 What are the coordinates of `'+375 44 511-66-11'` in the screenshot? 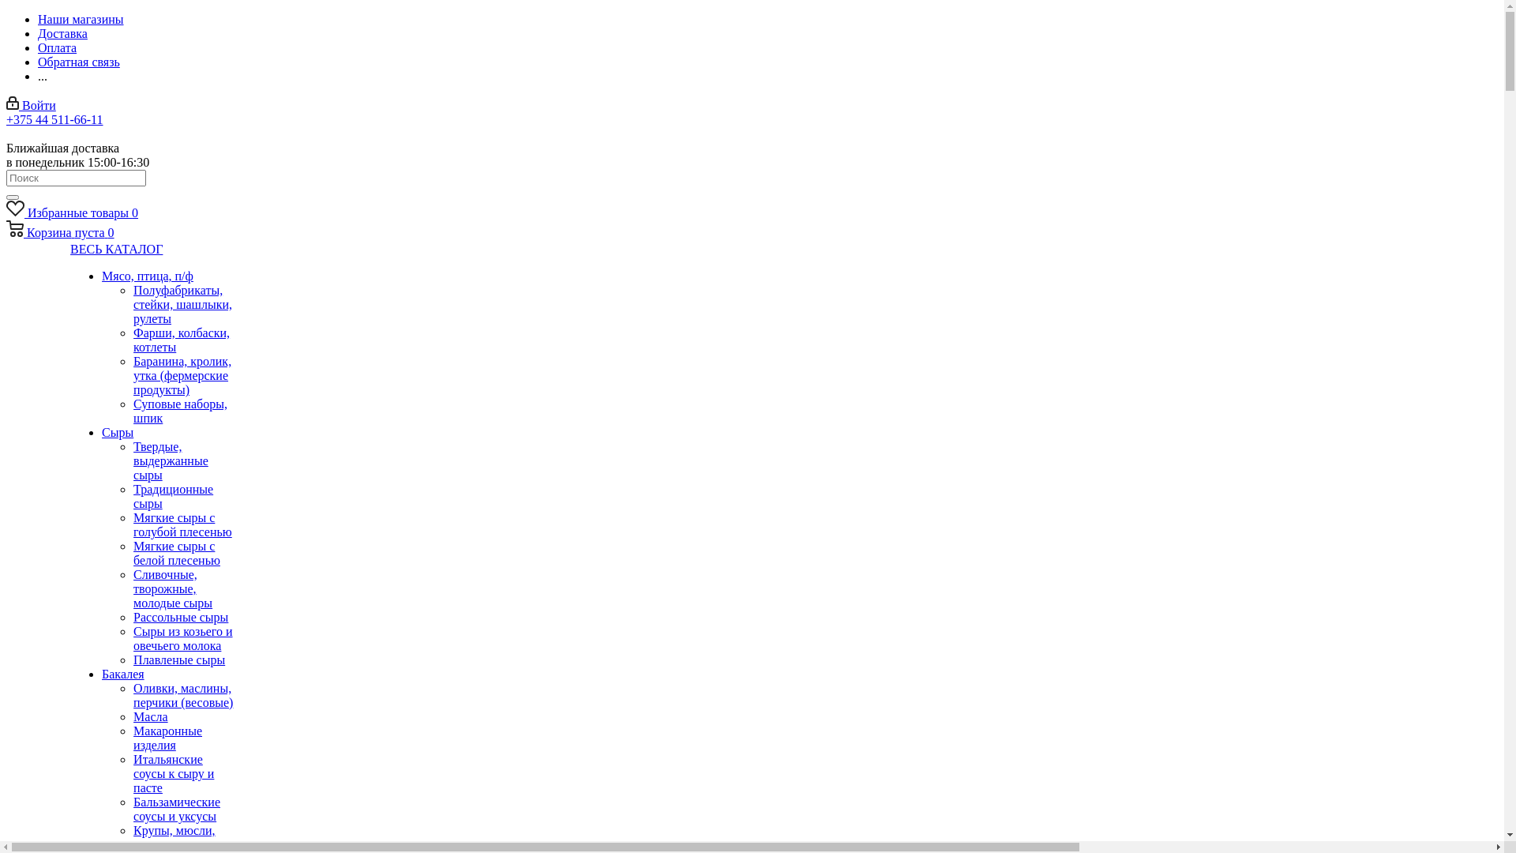 It's located at (54, 118).